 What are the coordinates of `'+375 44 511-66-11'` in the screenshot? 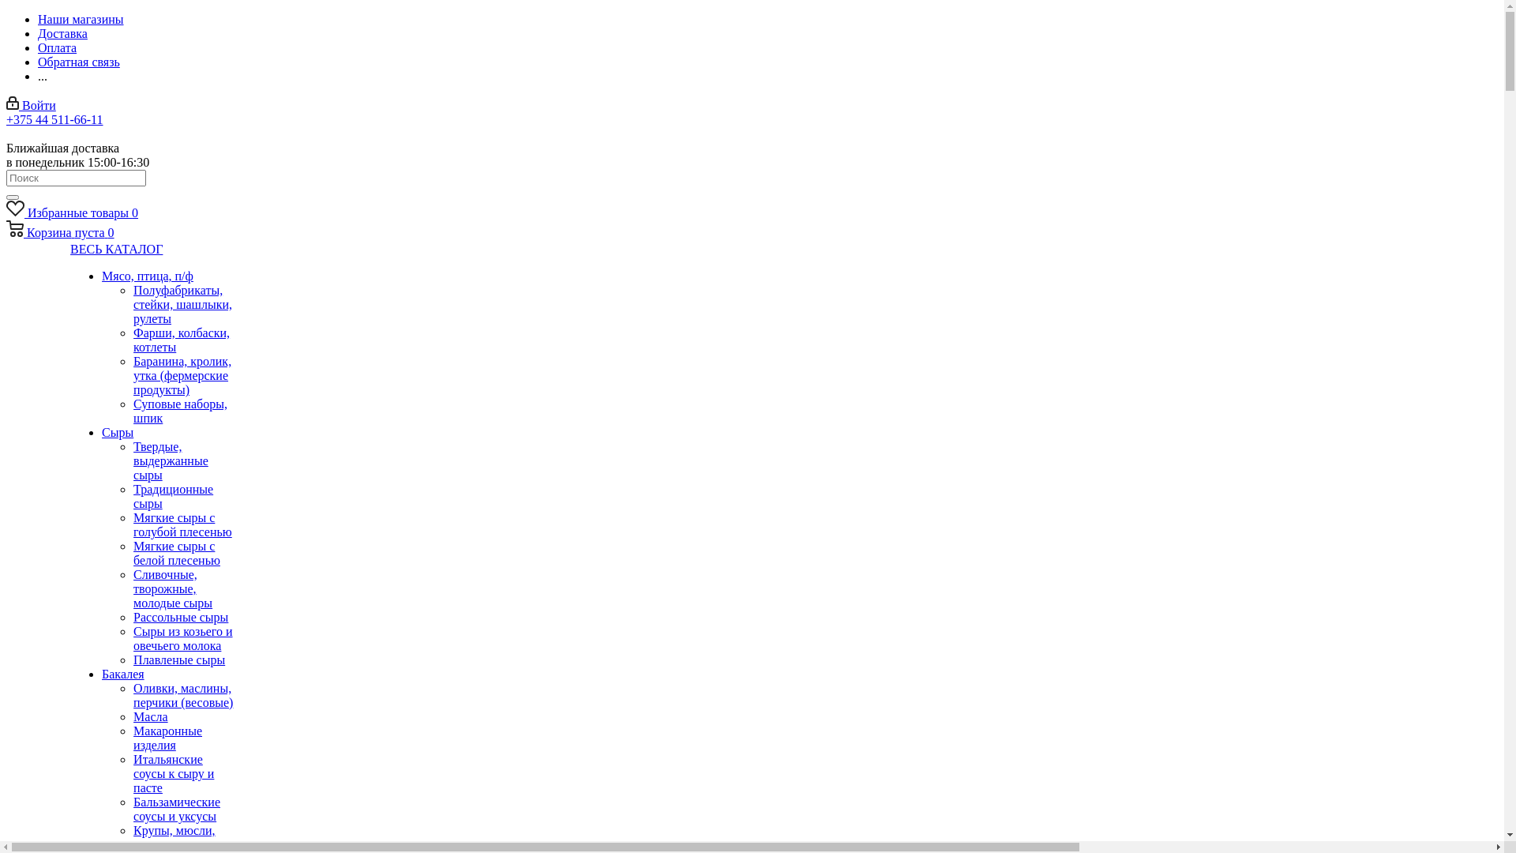 It's located at (54, 118).